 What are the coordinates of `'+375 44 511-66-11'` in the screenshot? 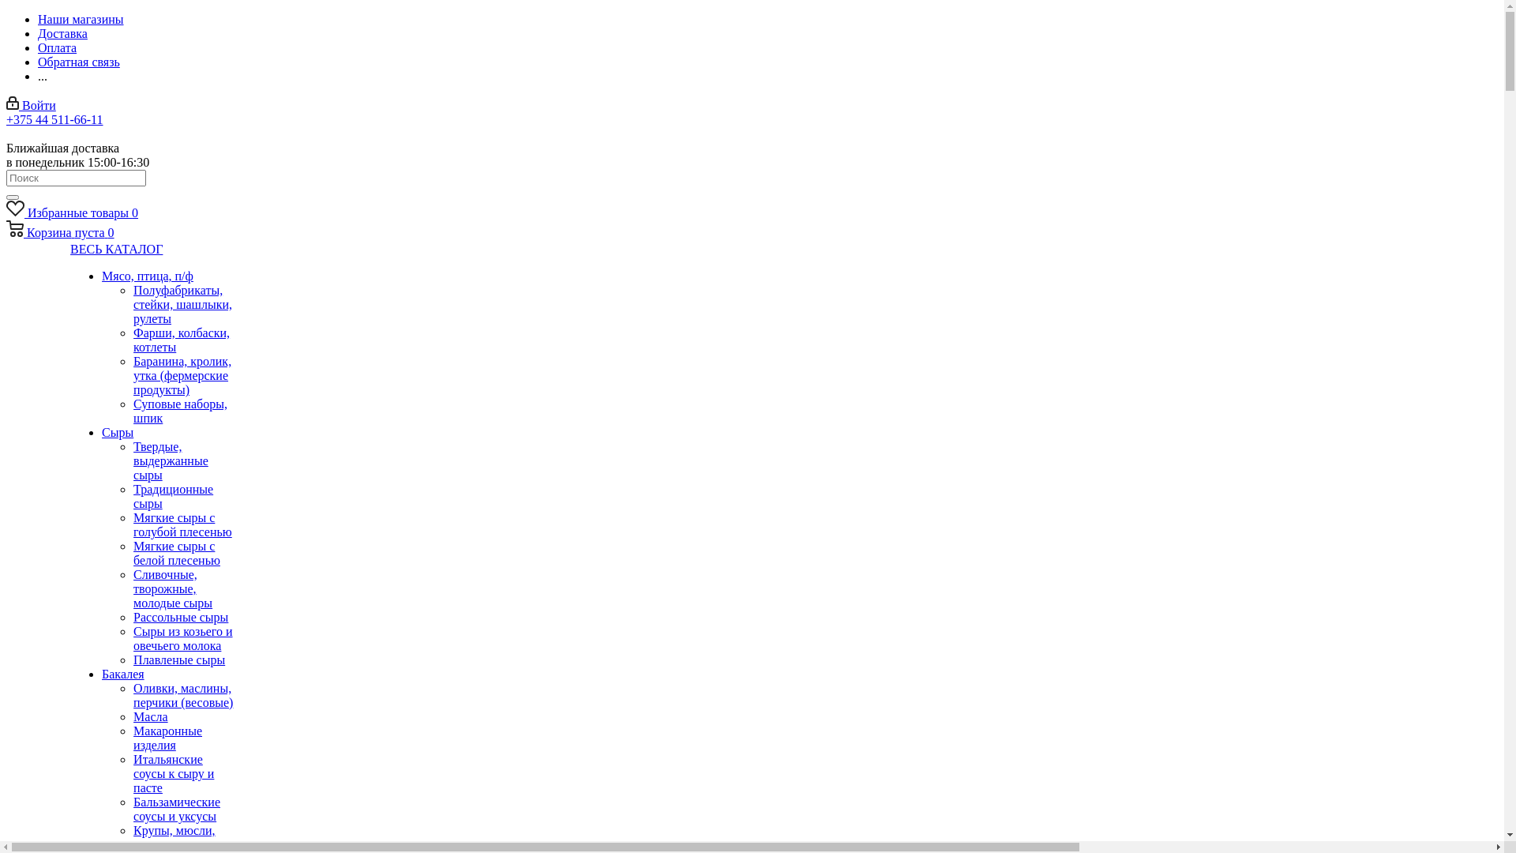 It's located at (54, 118).